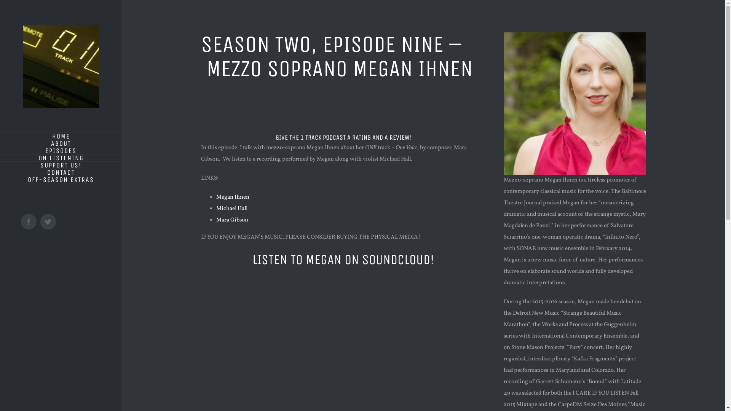  I want to click on 'Michael Hall', so click(215, 209).